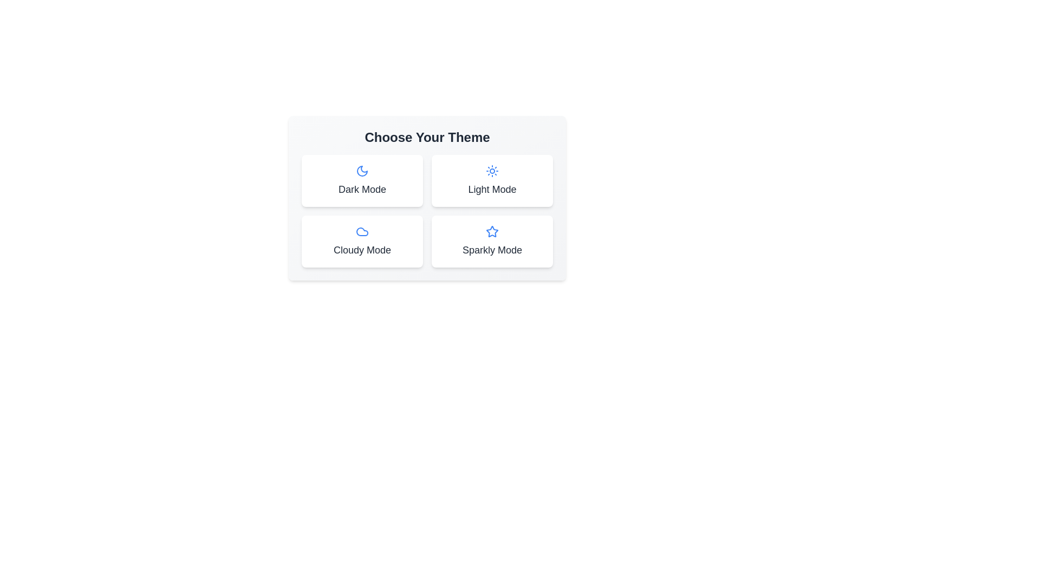  What do you see at coordinates (362, 189) in the screenshot?
I see `the Text Label that describes the 'Dark Mode' theme selection, located below the crescent moon icon in the theme options grid` at bounding box center [362, 189].